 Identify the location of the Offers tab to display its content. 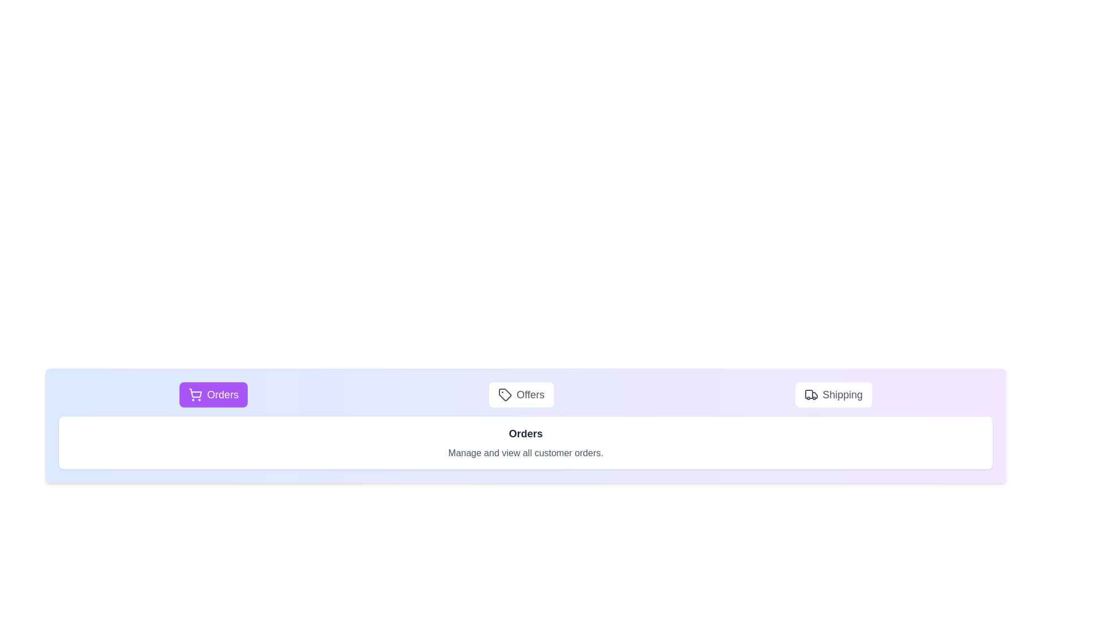
(521, 394).